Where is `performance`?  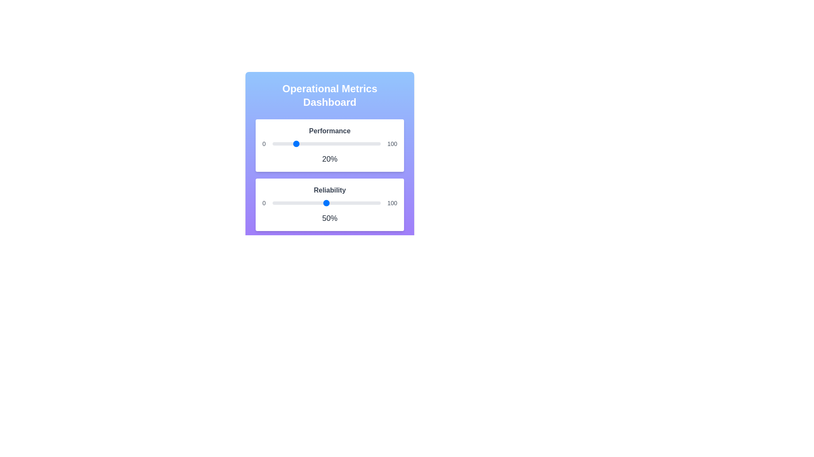
performance is located at coordinates (373, 143).